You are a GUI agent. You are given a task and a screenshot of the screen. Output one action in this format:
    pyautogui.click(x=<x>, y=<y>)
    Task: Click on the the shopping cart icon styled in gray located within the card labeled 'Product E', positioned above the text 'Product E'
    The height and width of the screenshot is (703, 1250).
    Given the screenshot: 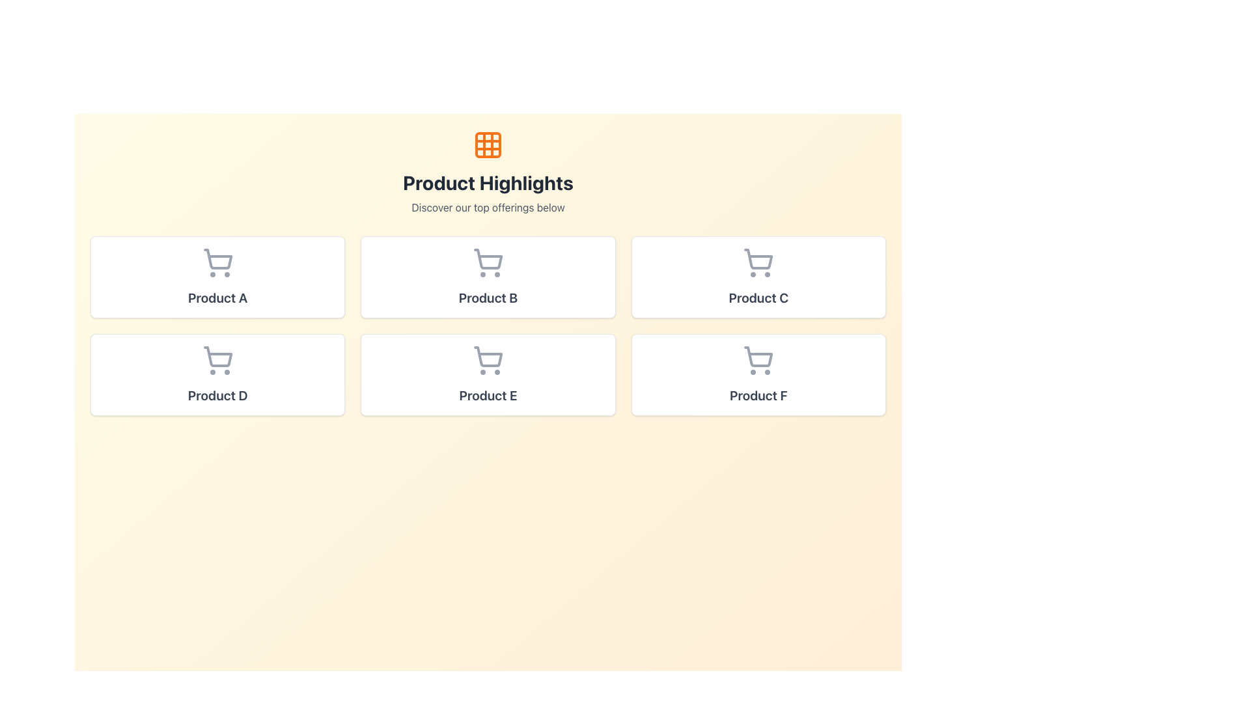 What is the action you would take?
    pyautogui.click(x=487, y=361)
    